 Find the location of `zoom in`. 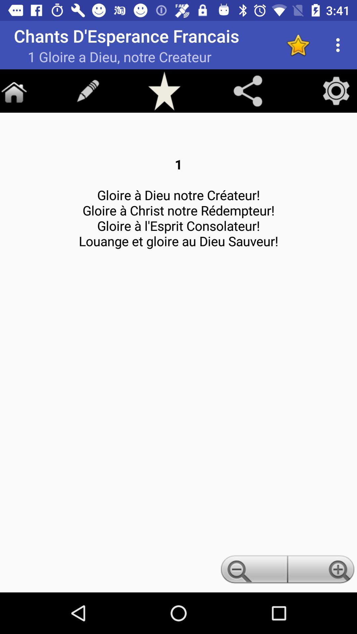

zoom in is located at coordinates (322, 571).